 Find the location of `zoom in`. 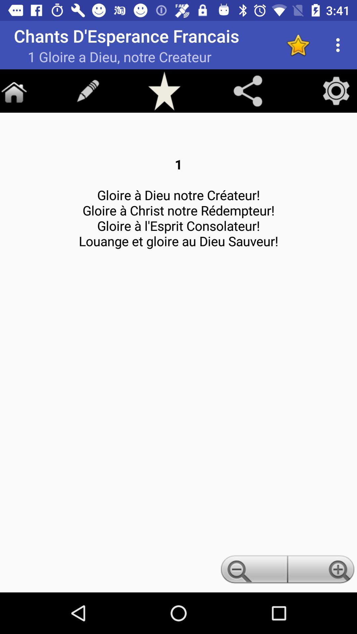

zoom in is located at coordinates (322, 571).